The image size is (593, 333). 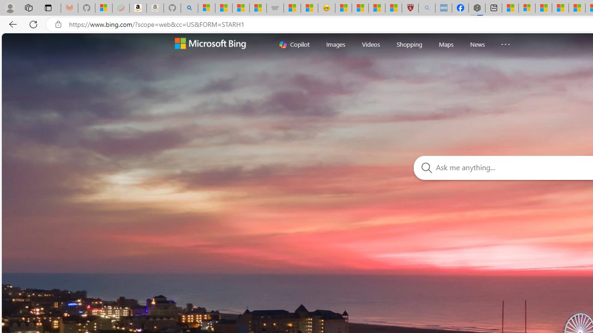 What do you see at coordinates (335, 44) in the screenshot?
I see `'Images'` at bounding box center [335, 44].